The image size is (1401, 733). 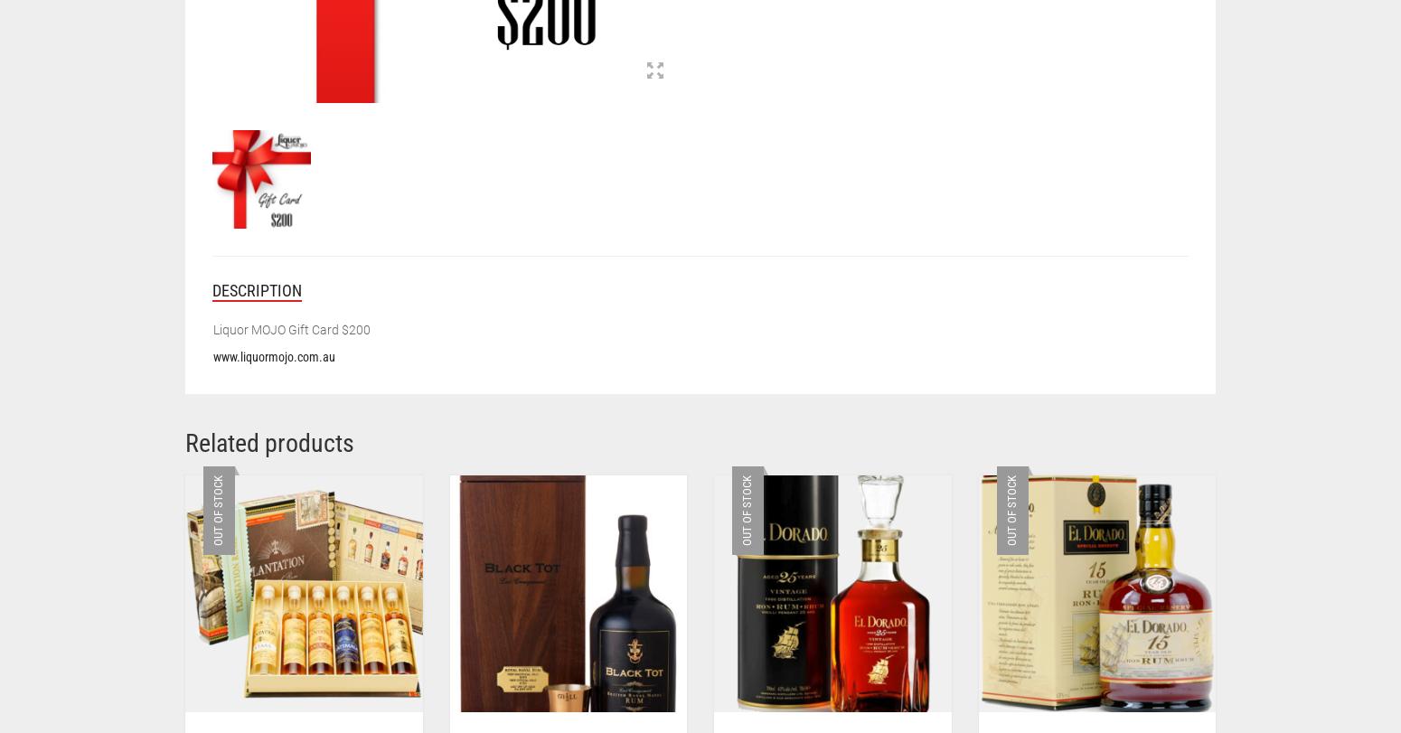 I want to click on '$', so click(x=755, y=308).